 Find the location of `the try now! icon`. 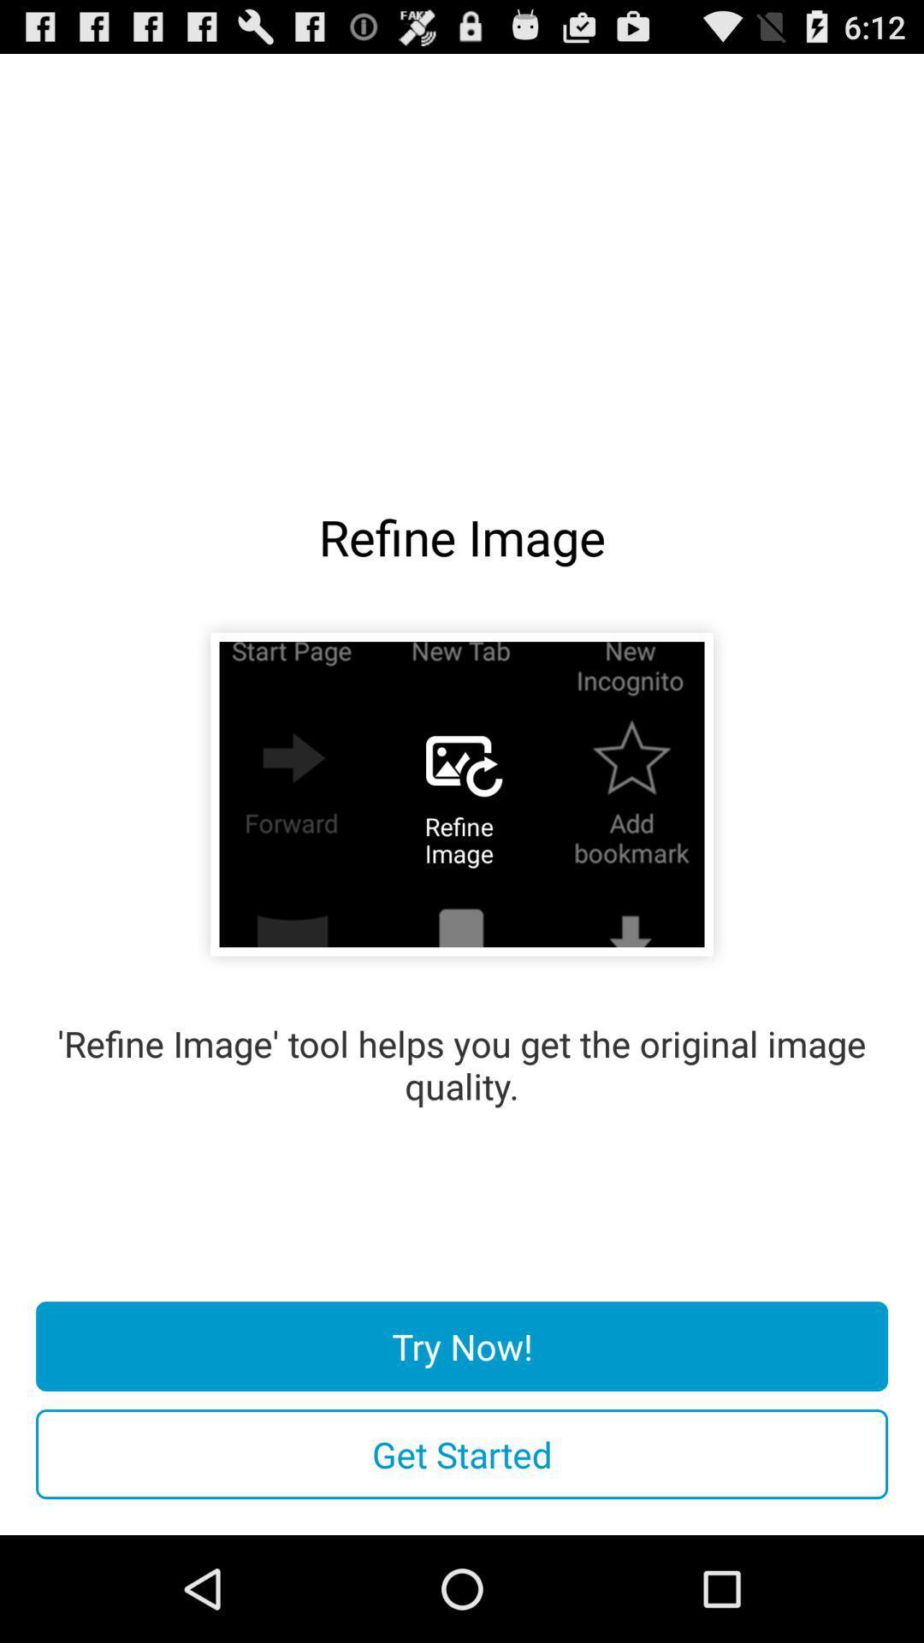

the try now! icon is located at coordinates (462, 1345).